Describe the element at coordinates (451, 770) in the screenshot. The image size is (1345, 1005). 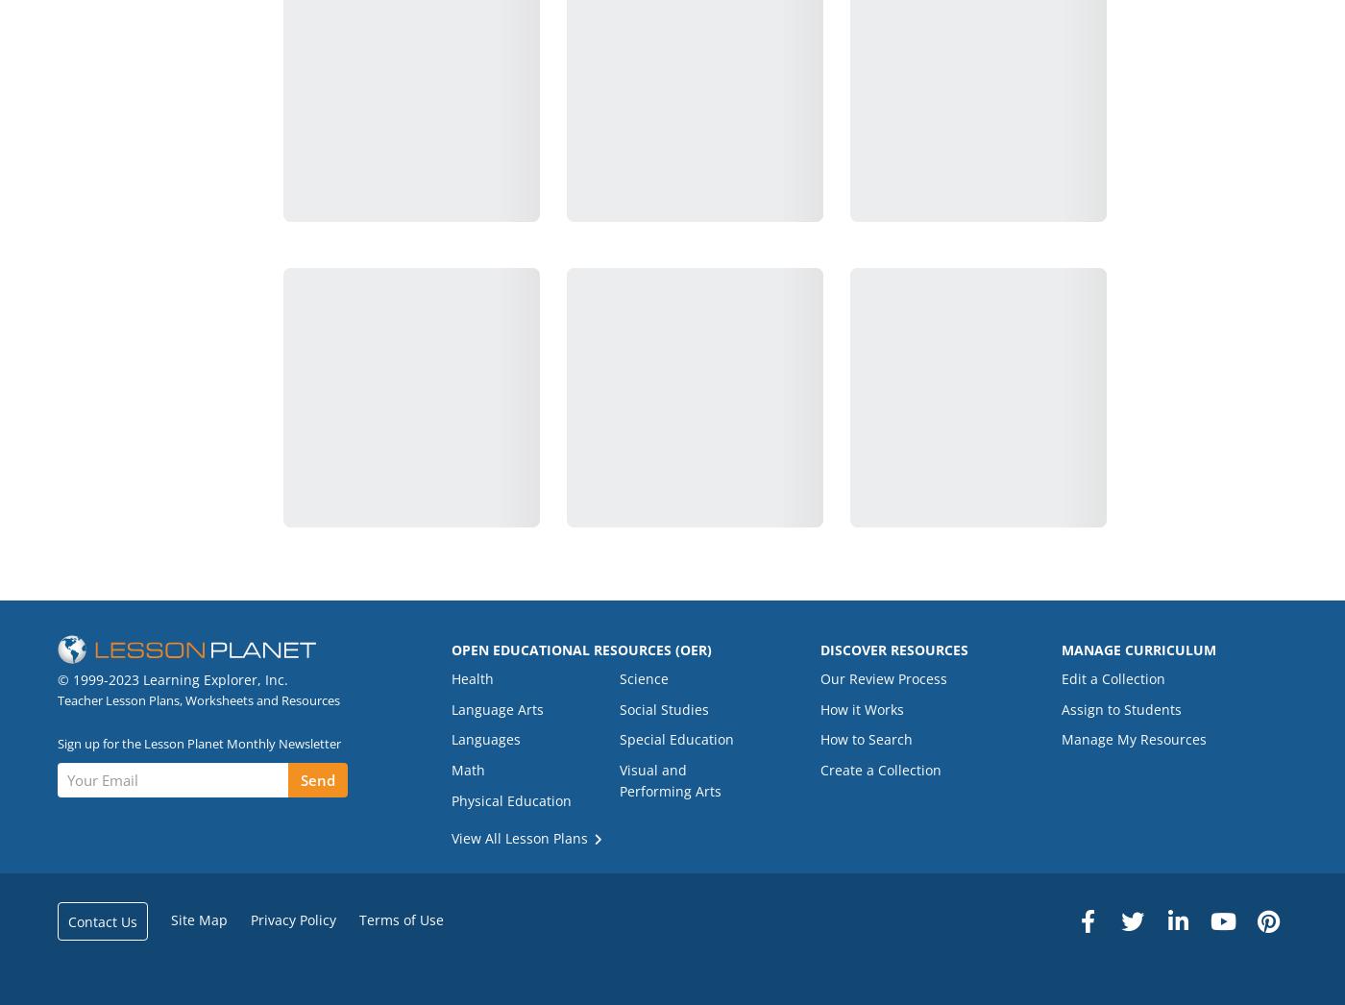
I see `'Math'` at that location.